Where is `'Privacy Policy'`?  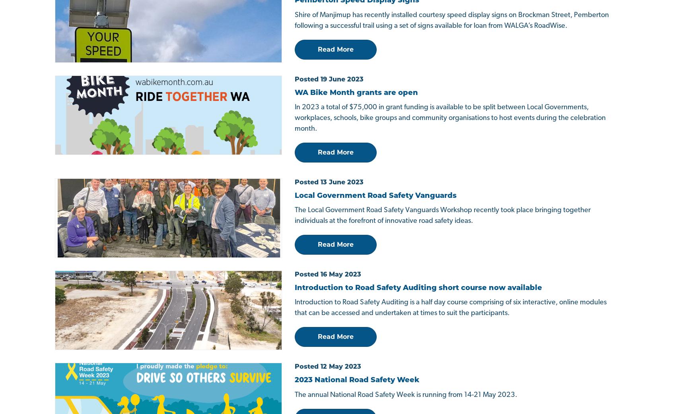 'Privacy Policy' is located at coordinates (159, 366).